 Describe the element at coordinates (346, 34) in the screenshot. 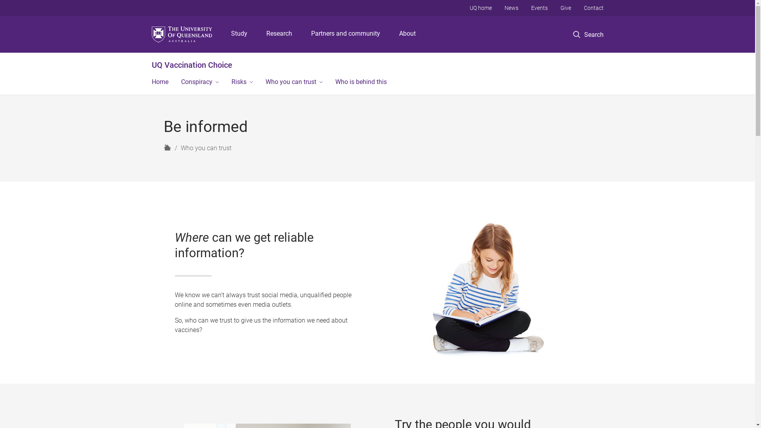

I see `'Partners and community'` at that location.